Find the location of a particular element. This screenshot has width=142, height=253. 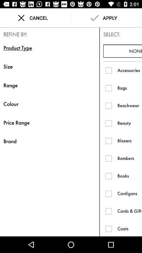

product type is located at coordinates (108, 70).